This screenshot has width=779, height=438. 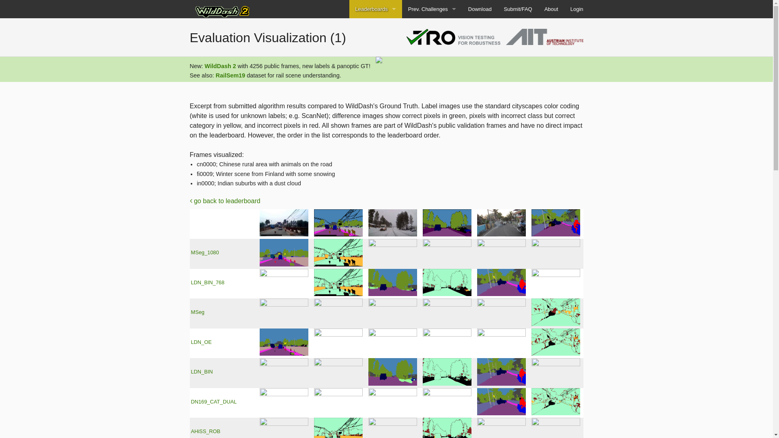 I want to click on 'MSeg_1080', so click(x=204, y=252).